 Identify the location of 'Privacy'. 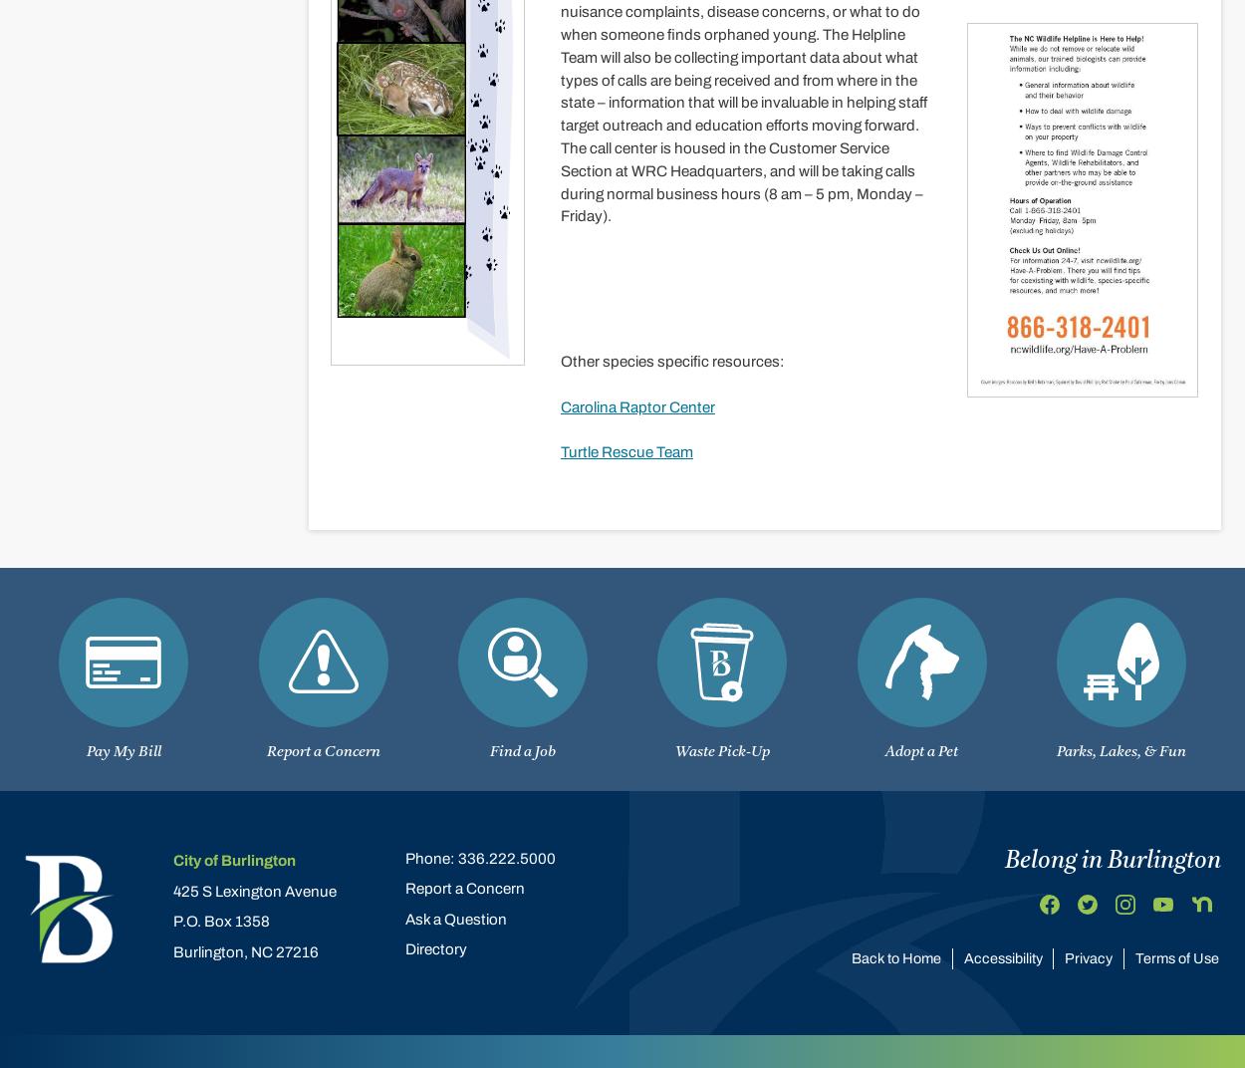
(1088, 956).